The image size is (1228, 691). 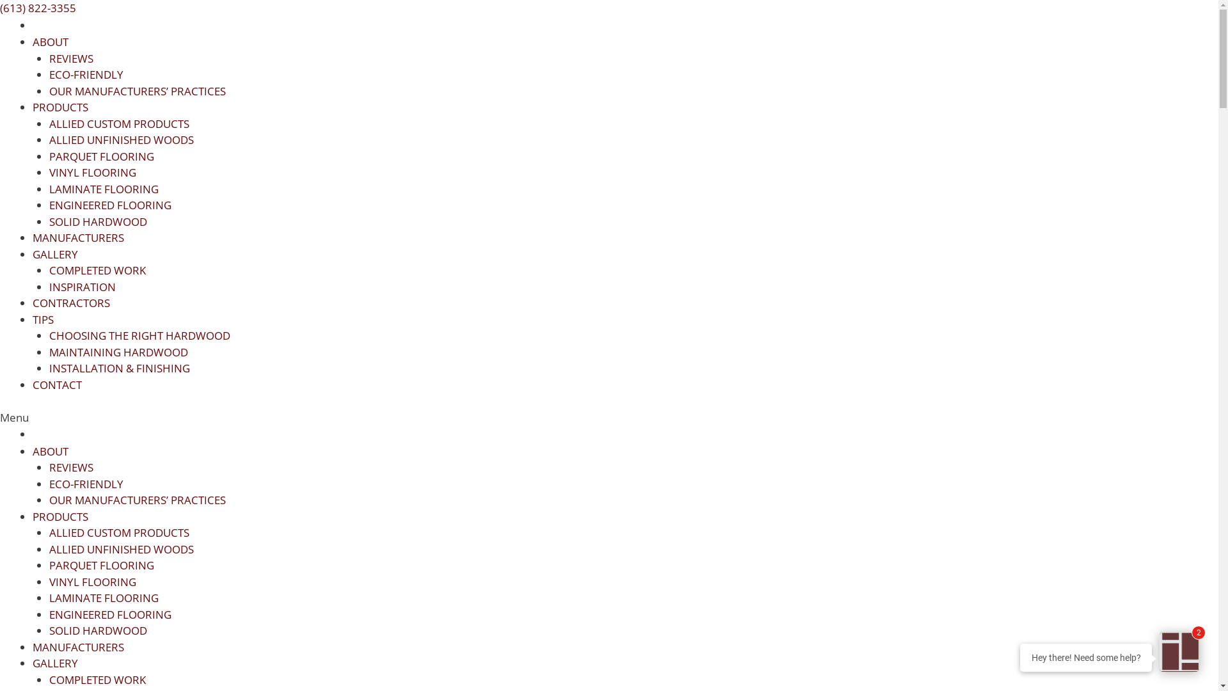 What do you see at coordinates (49, 582) in the screenshot?
I see `'VINYL FLOORING'` at bounding box center [49, 582].